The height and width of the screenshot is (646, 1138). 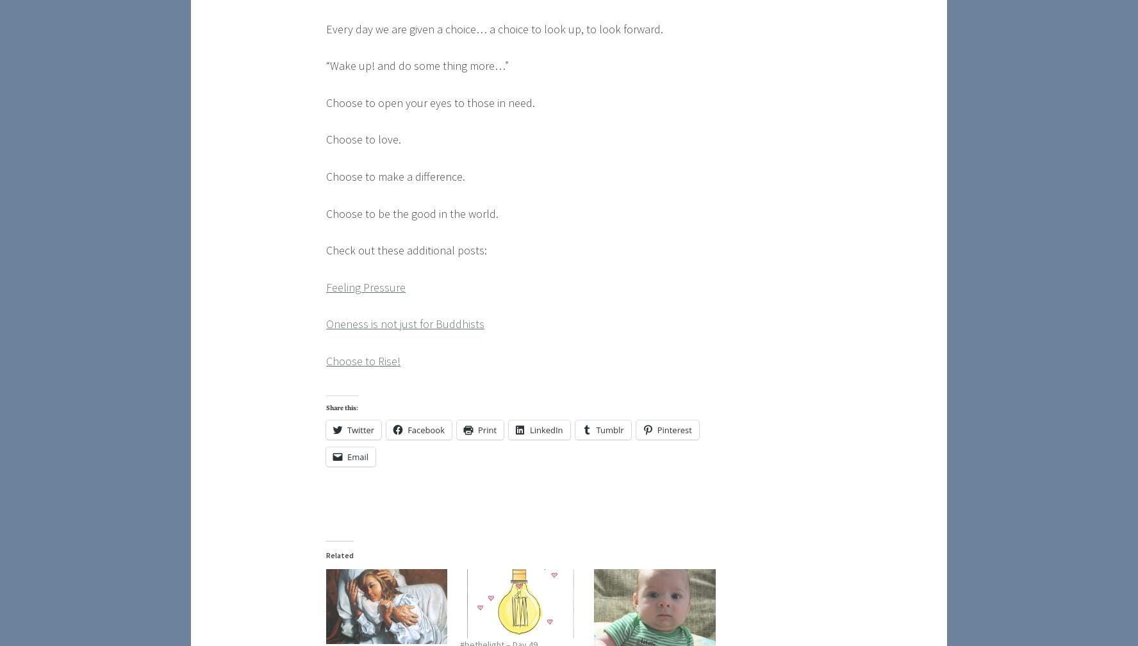 What do you see at coordinates (365, 286) in the screenshot?
I see `'Feeling Pressure'` at bounding box center [365, 286].